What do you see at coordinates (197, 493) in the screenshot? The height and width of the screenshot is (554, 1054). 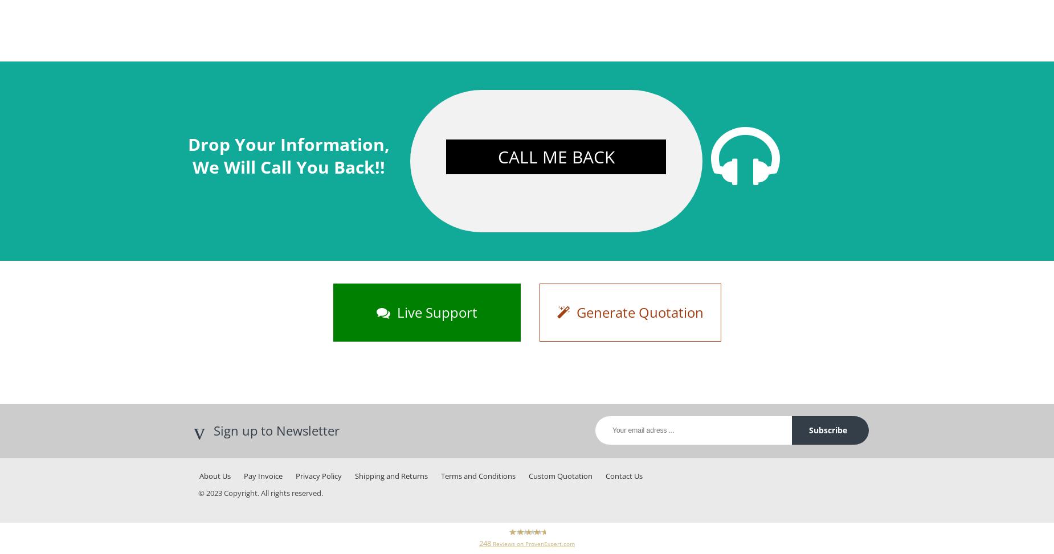 I see `'© 2023 Copyright. All rights reserved.'` at bounding box center [197, 493].